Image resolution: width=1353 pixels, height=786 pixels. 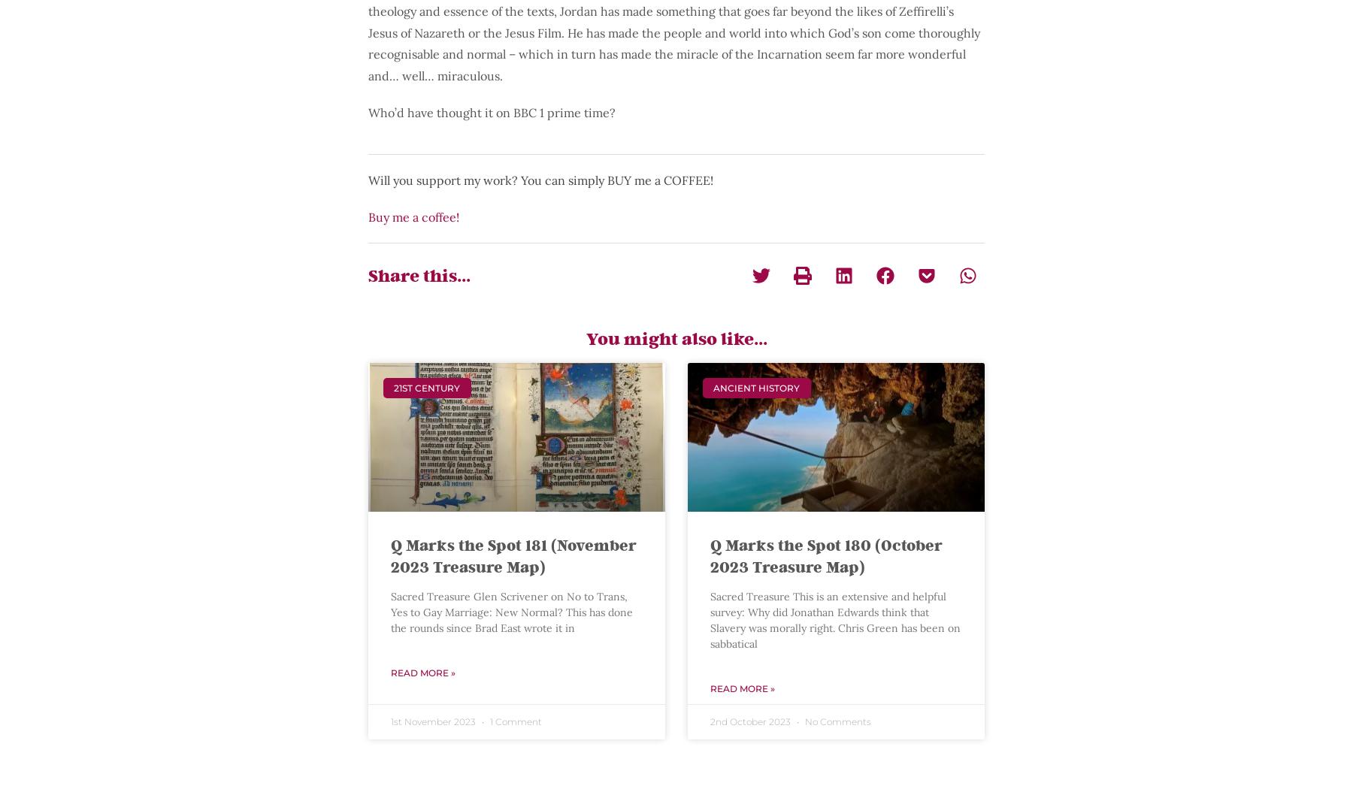 I want to click on '1st November 2023', so click(x=434, y=721).